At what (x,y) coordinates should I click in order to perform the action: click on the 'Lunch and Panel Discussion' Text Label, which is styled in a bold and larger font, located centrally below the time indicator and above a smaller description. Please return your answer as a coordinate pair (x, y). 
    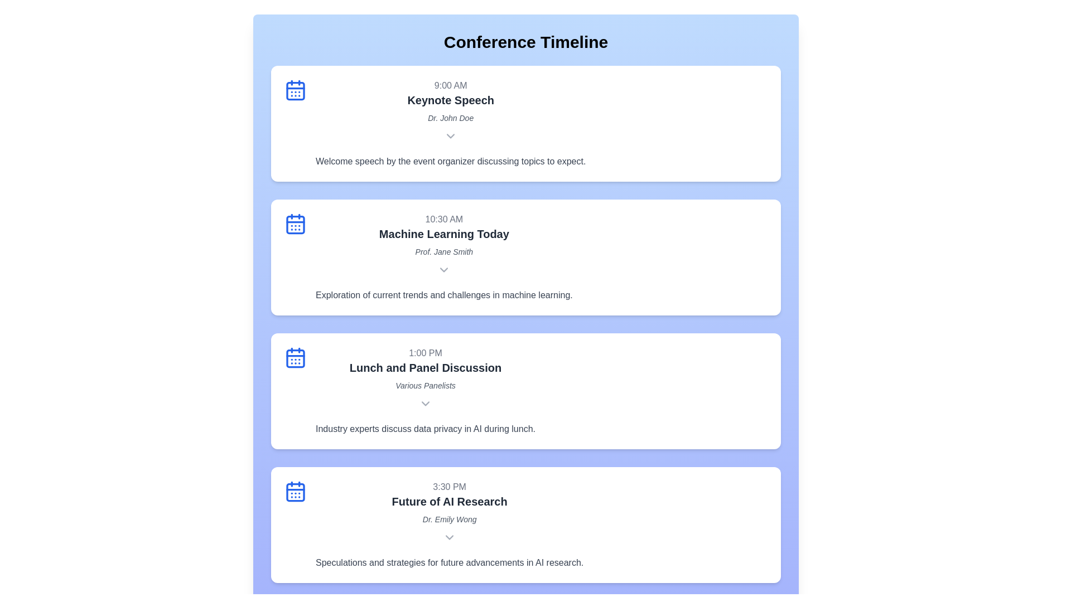
    Looking at the image, I should click on (425, 367).